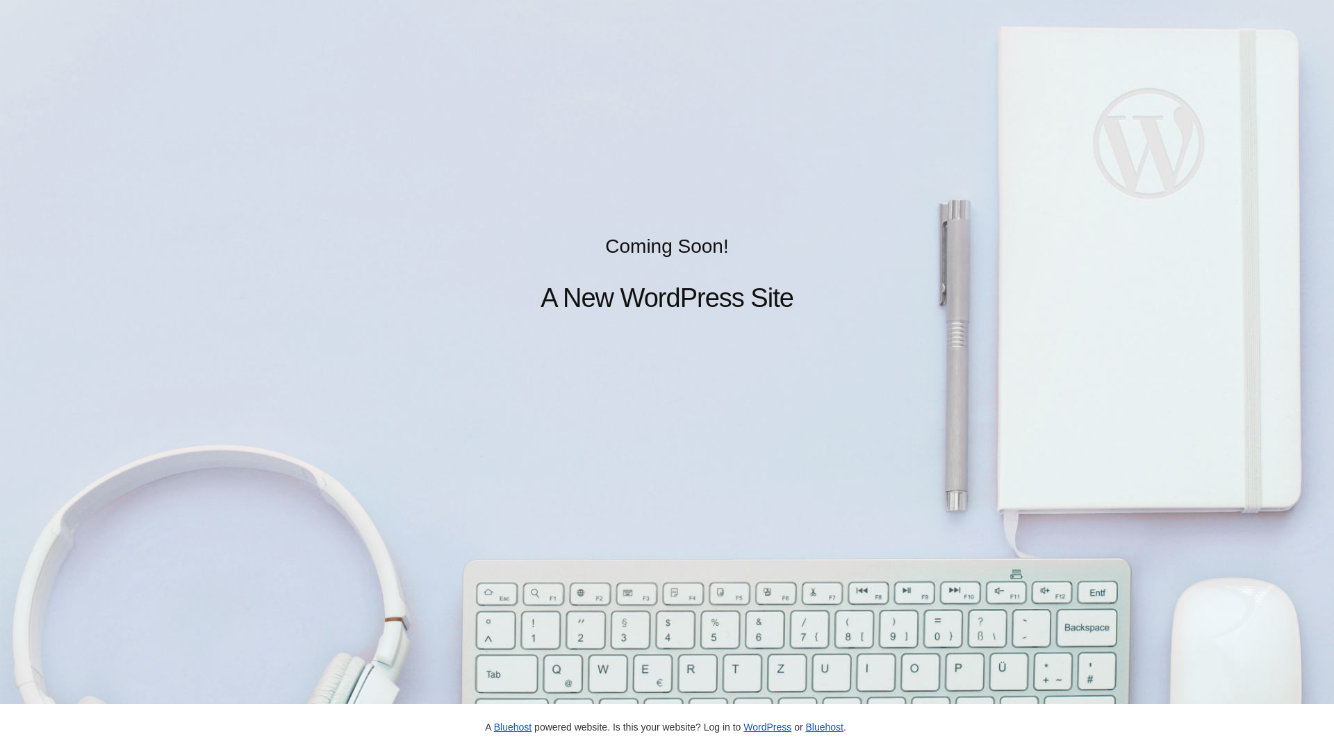 The height and width of the screenshot is (750, 1334). What do you see at coordinates (512, 726) in the screenshot?
I see `'Bluehost'` at bounding box center [512, 726].